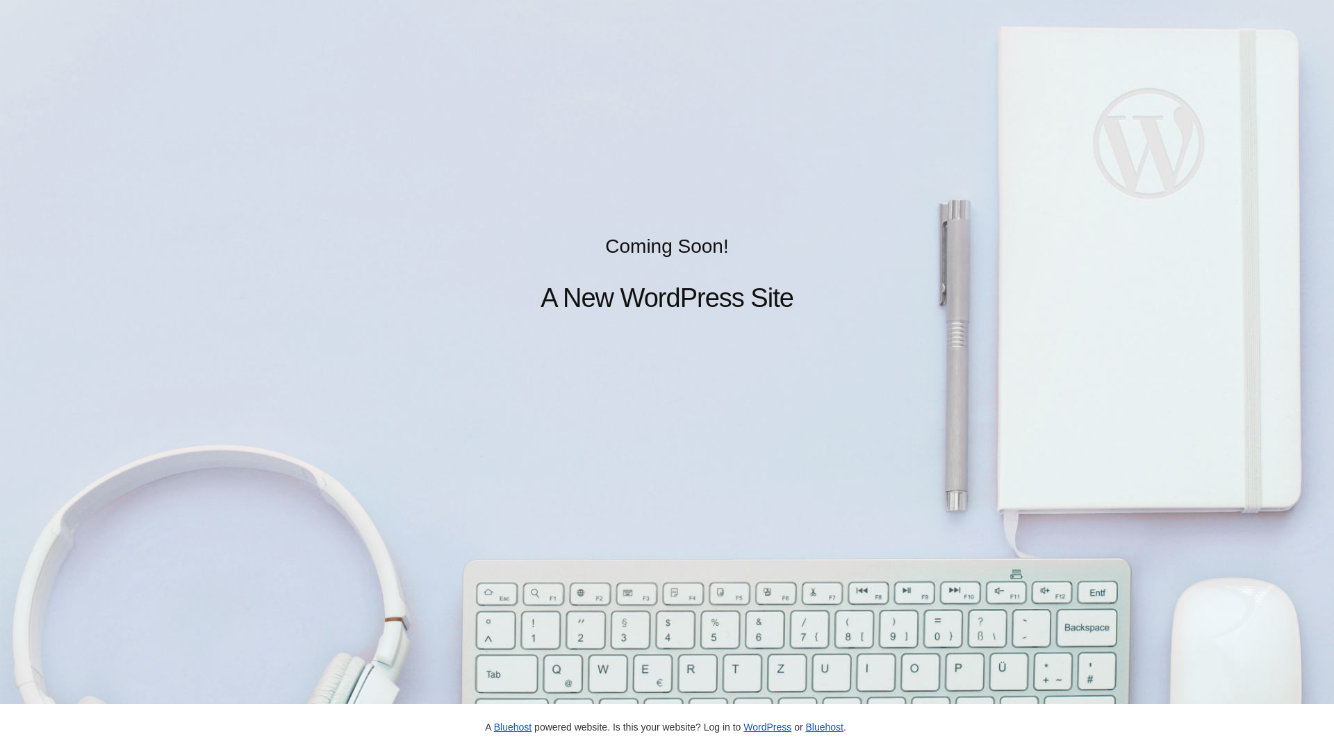 The height and width of the screenshot is (750, 1334). What do you see at coordinates (512, 726) in the screenshot?
I see `'Bluehost'` at bounding box center [512, 726].